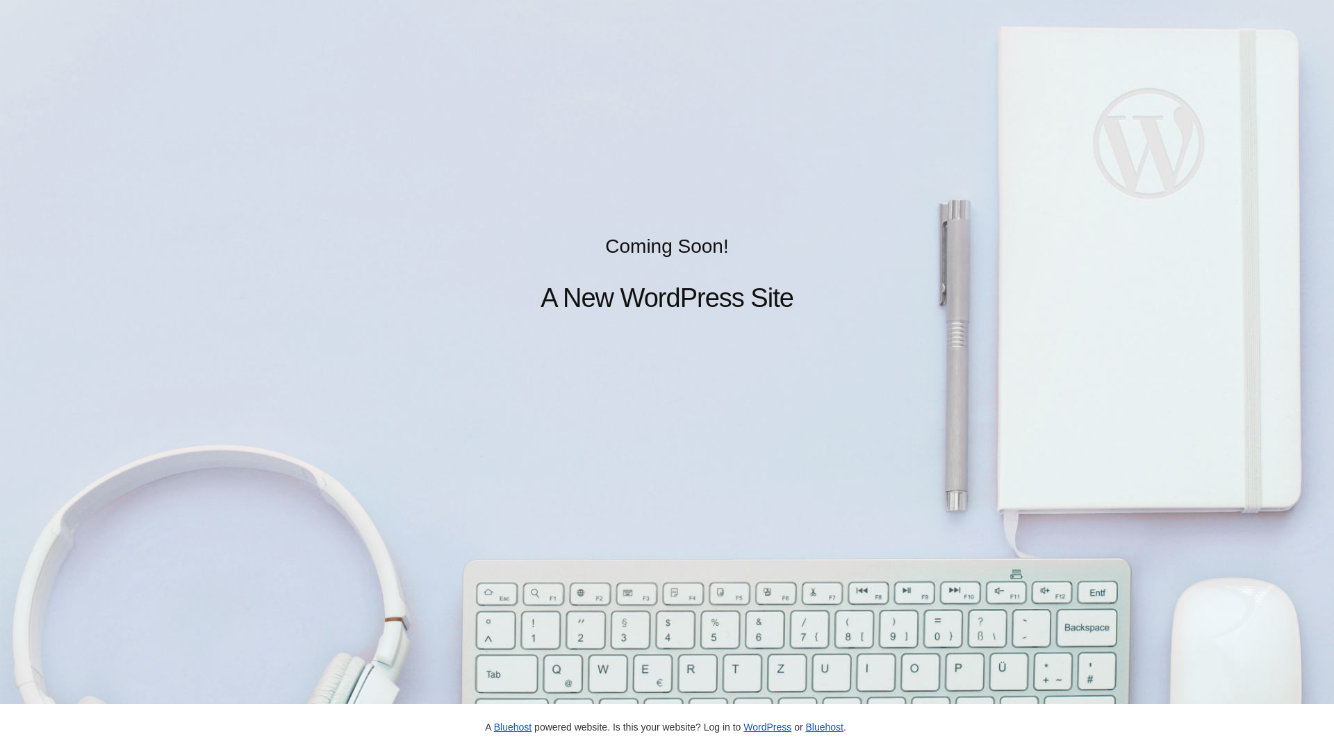 The height and width of the screenshot is (750, 1334). What do you see at coordinates (512, 726) in the screenshot?
I see `'Bluehost'` at bounding box center [512, 726].